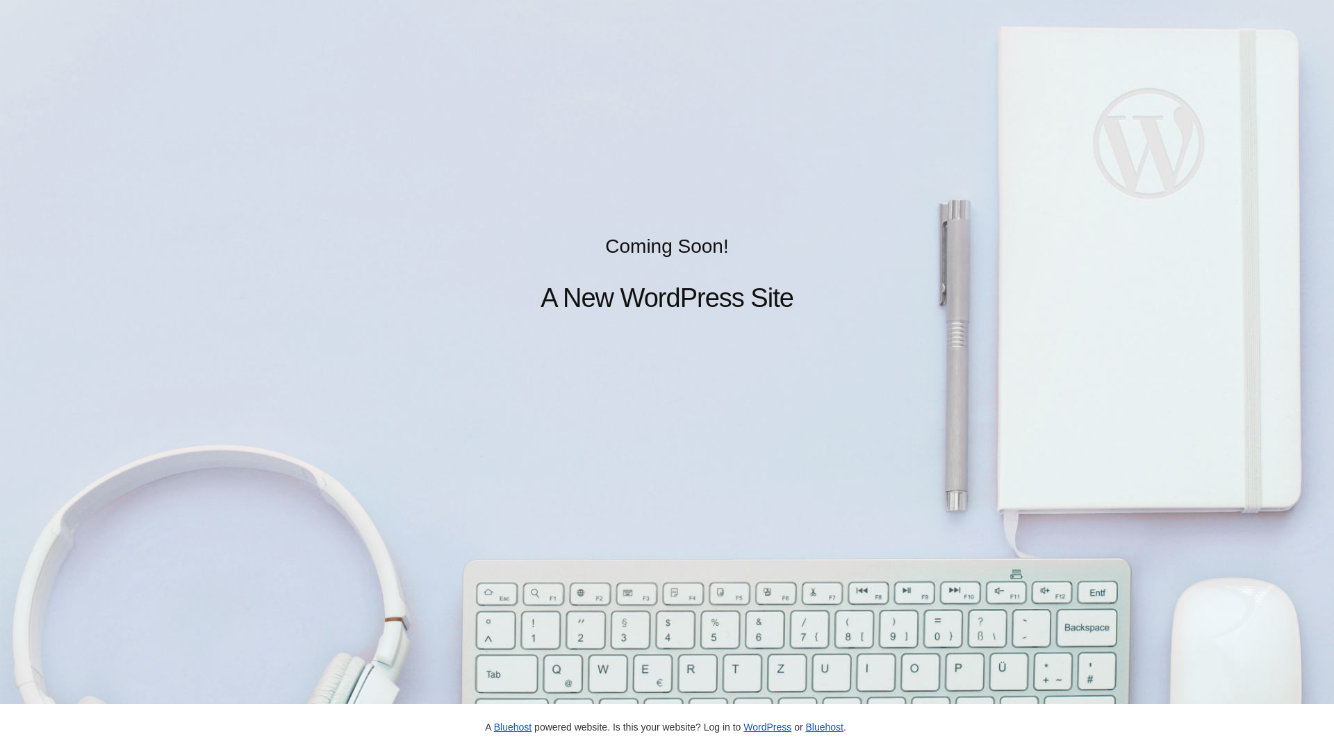 The height and width of the screenshot is (750, 1334). What do you see at coordinates (512, 726) in the screenshot?
I see `'Bluehost'` at bounding box center [512, 726].